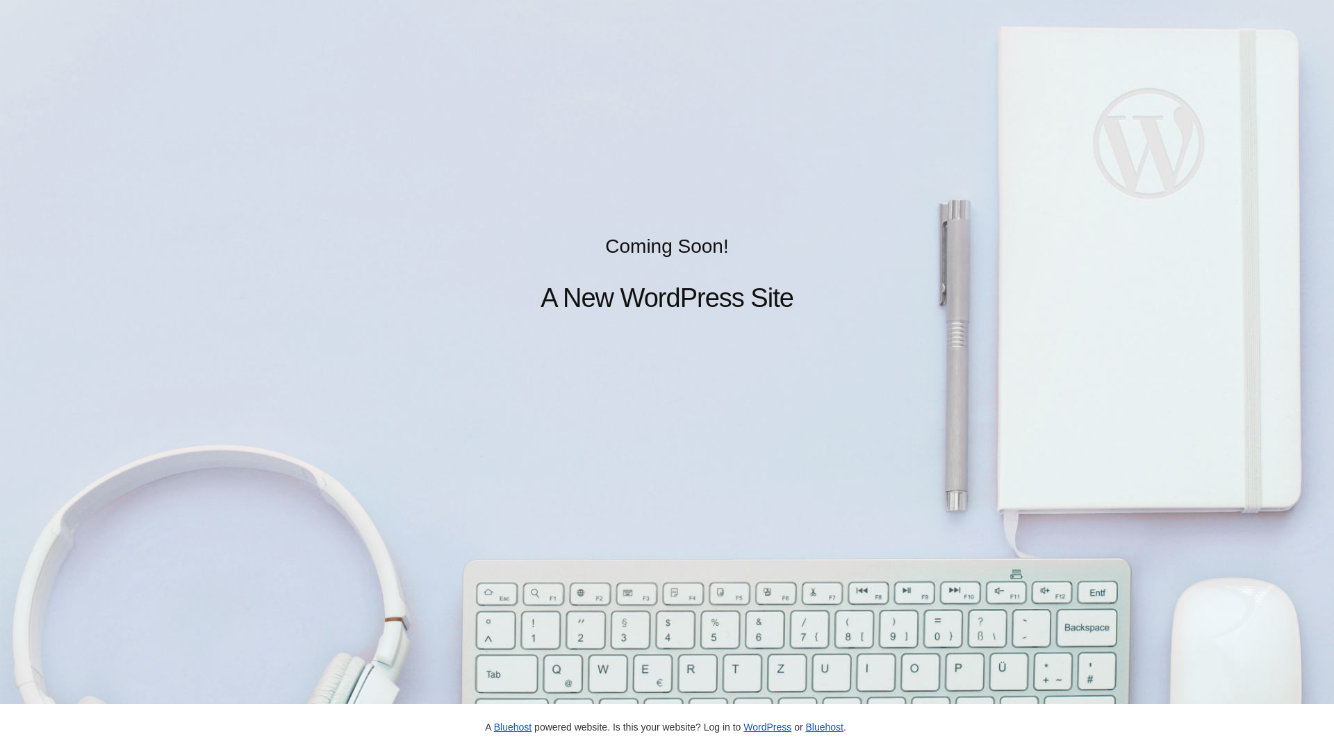 The height and width of the screenshot is (750, 1334). What do you see at coordinates (512, 726) in the screenshot?
I see `'Bluehost'` at bounding box center [512, 726].